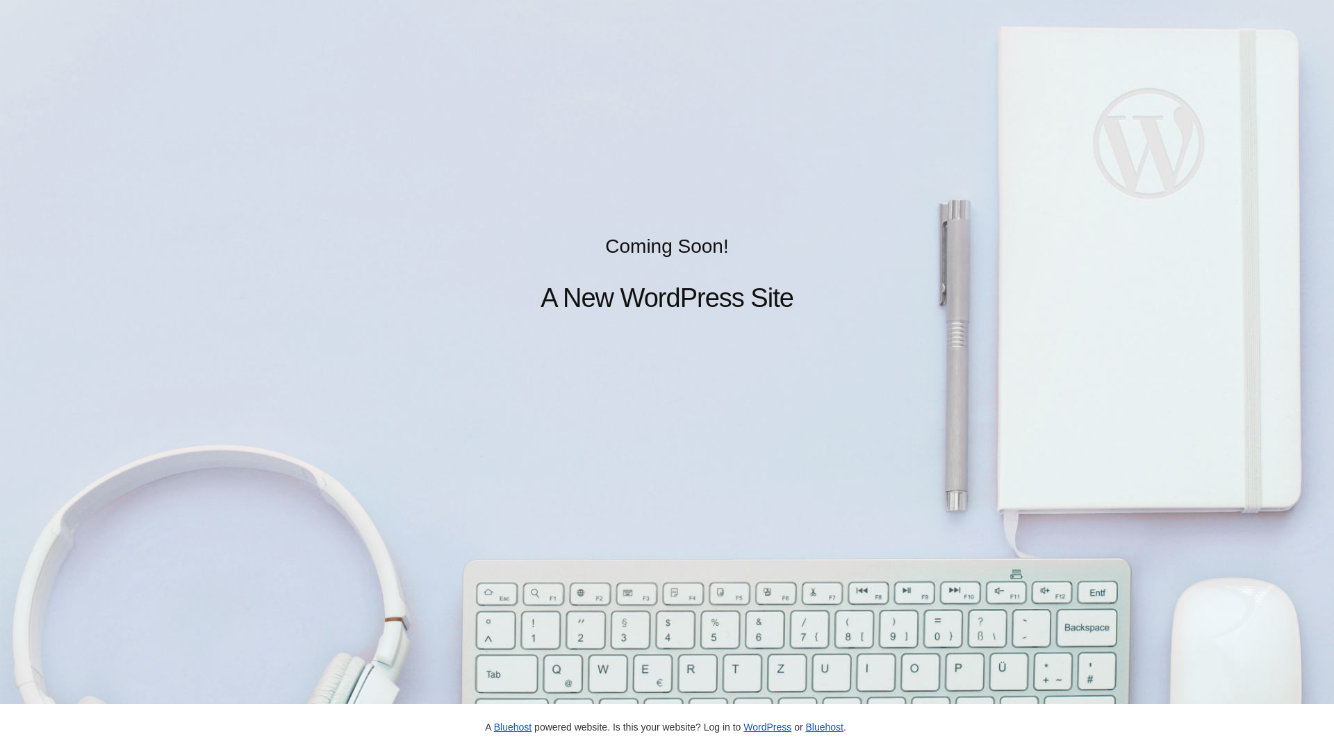 The height and width of the screenshot is (750, 1334). What do you see at coordinates (512, 726) in the screenshot?
I see `'Bluehost'` at bounding box center [512, 726].